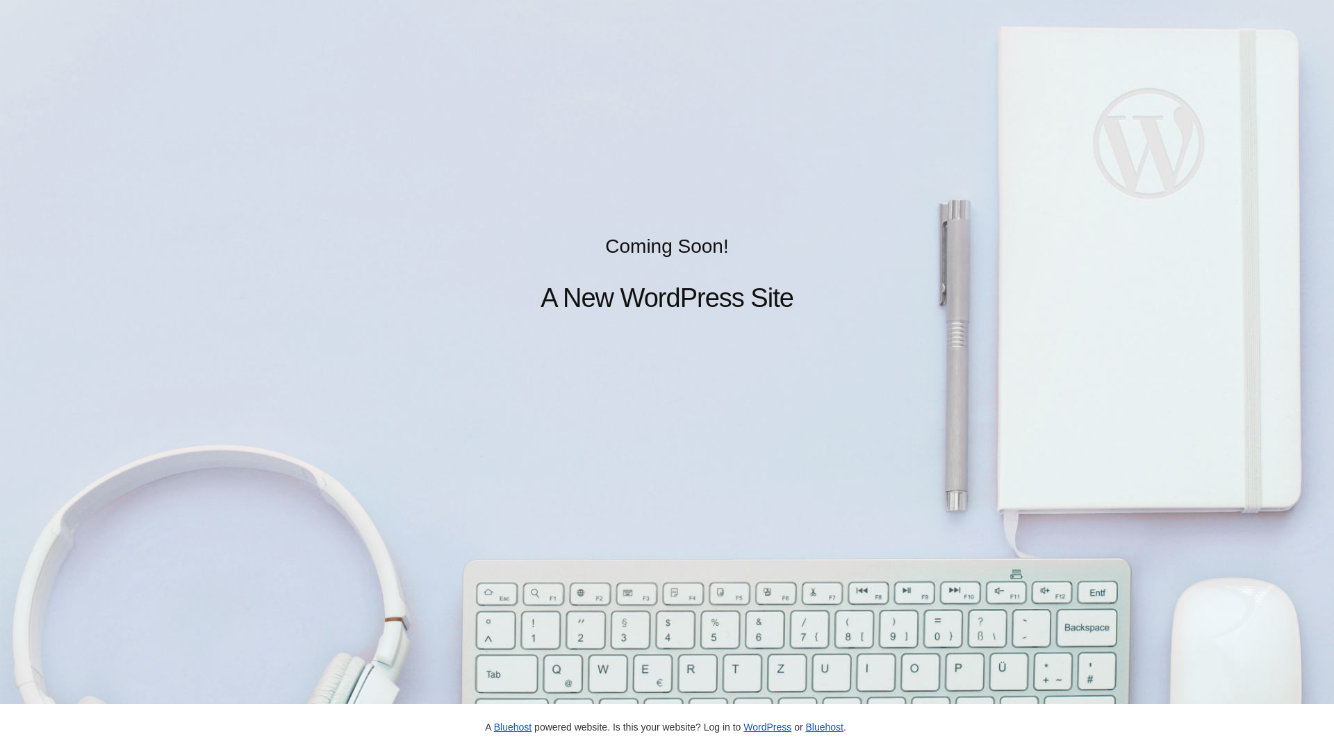 The height and width of the screenshot is (750, 1334). What do you see at coordinates (512, 726) in the screenshot?
I see `'Bluehost'` at bounding box center [512, 726].